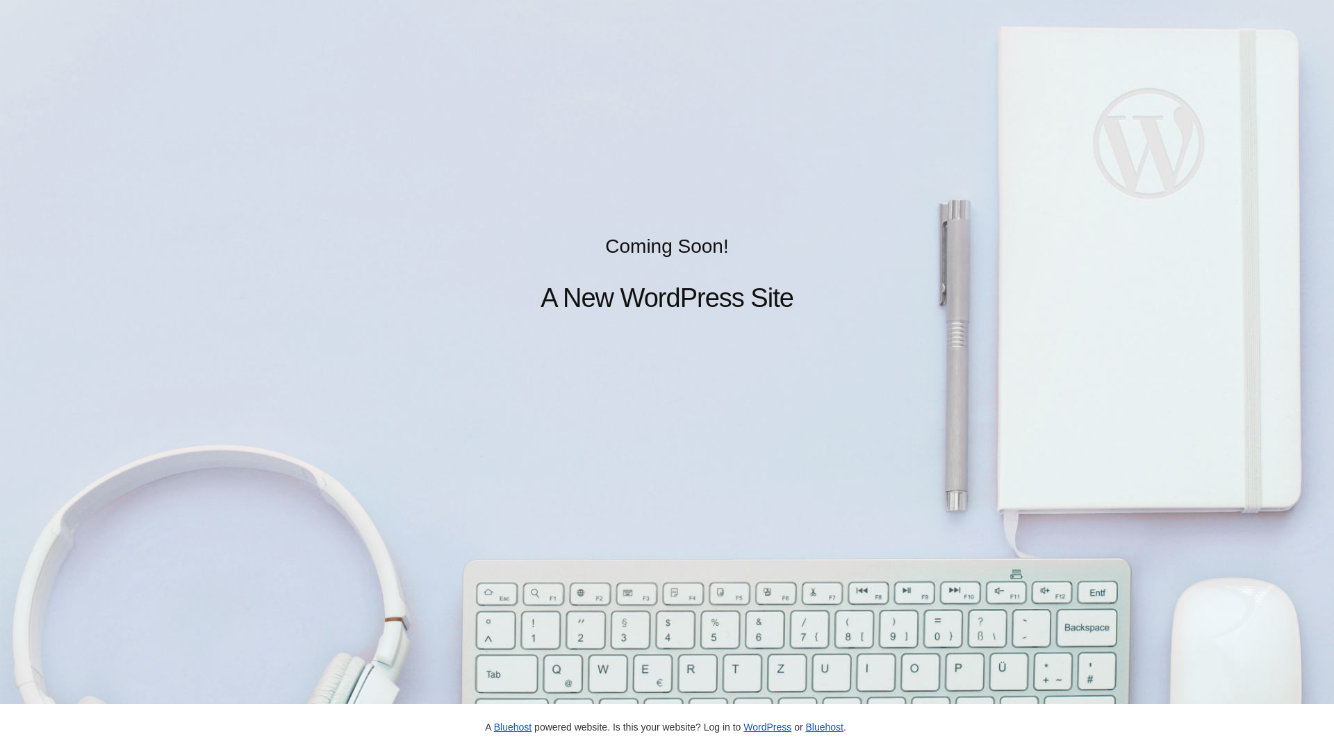 The height and width of the screenshot is (750, 1334). What do you see at coordinates (512, 726) in the screenshot?
I see `'Bluehost'` at bounding box center [512, 726].